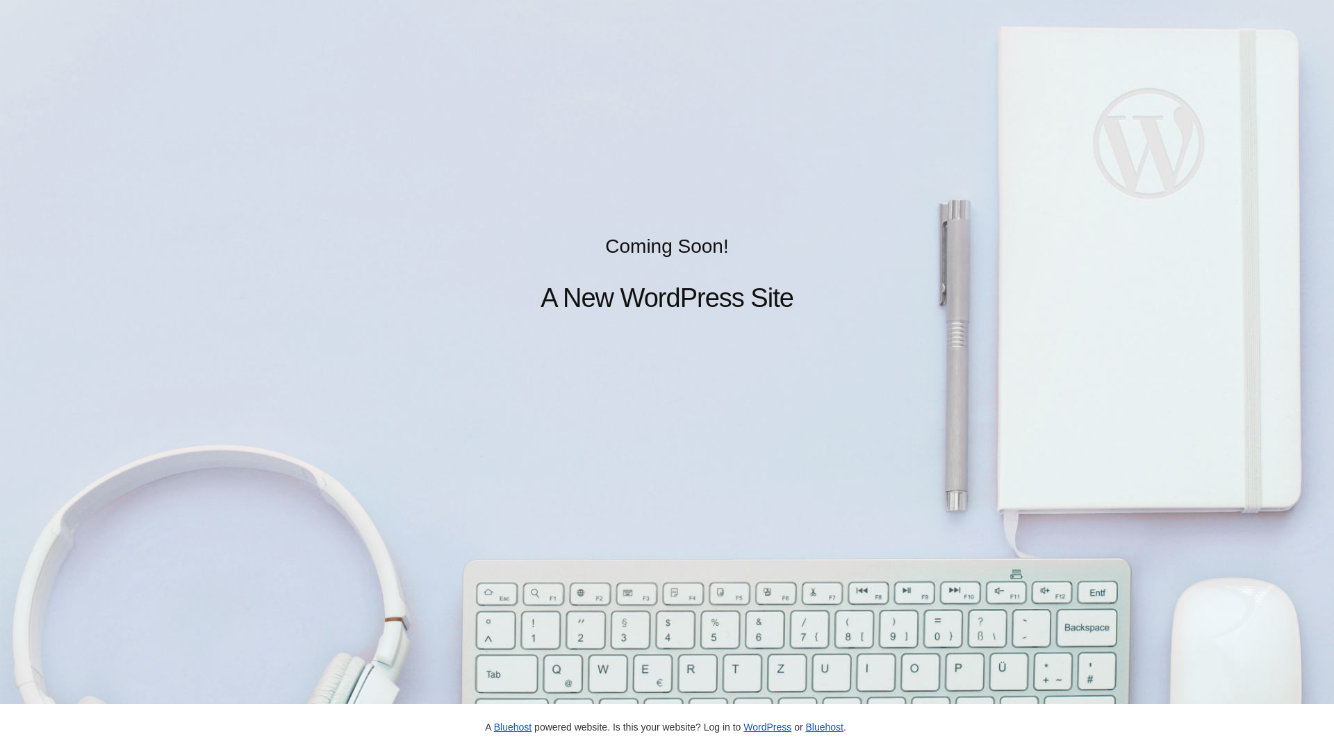 The height and width of the screenshot is (750, 1334). What do you see at coordinates (512, 726) in the screenshot?
I see `'Bluehost'` at bounding box center [512, 726].